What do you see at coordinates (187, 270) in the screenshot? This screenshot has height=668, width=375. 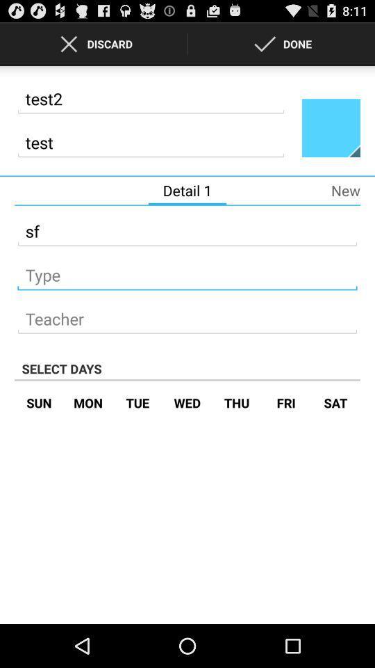 I see `shows empty dash` at bounding box center [187, 270].